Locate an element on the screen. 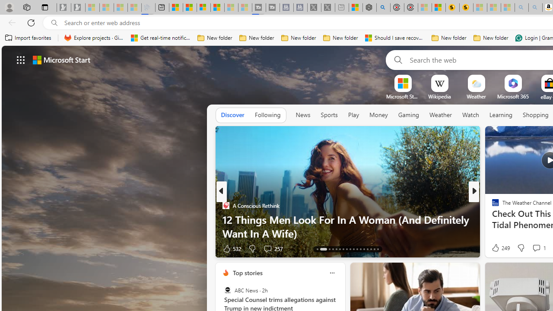 The image size is (553, 311). 'AutomationID: tab-18' is located at coordinates (339, 249).